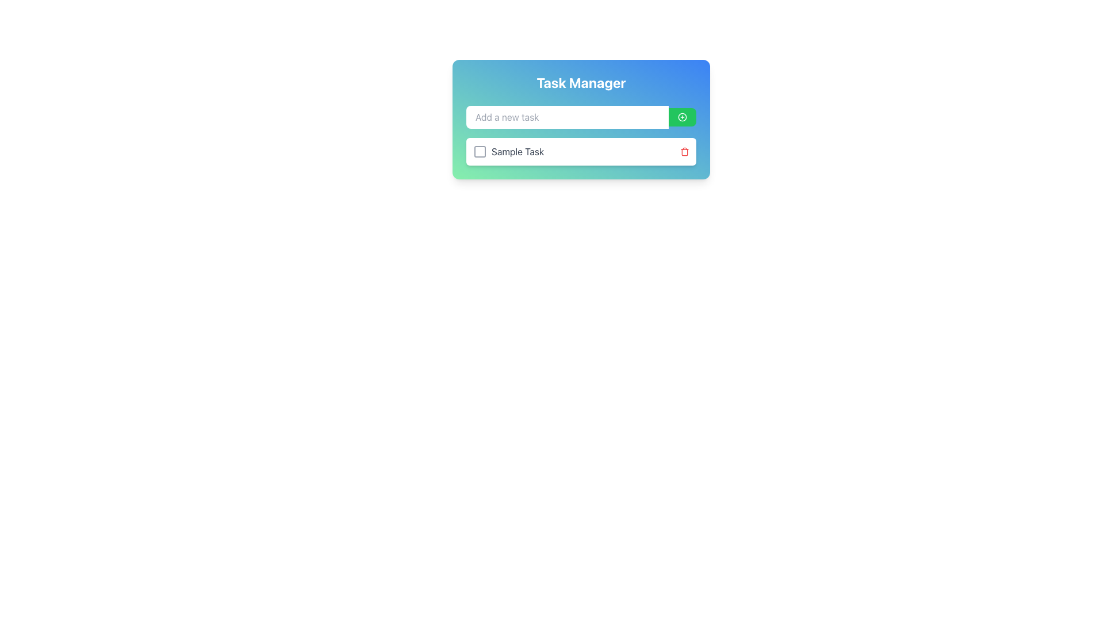  I want to click on central circle of the SVG icon within the green button located to the right of the 'Add a new task' input field in the 'Task Manager' interface for debugging purposes, so click(682, 117).